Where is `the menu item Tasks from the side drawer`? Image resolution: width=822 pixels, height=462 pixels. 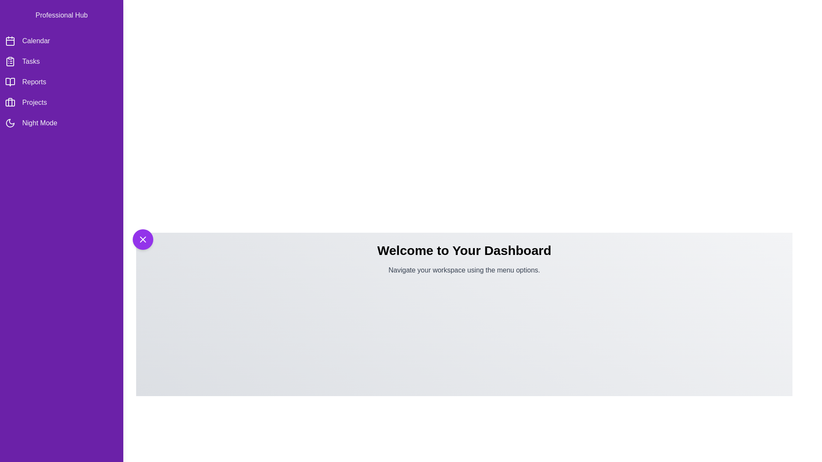 the menu item Tasks from the side drawer is located at coordinates (61, 61).